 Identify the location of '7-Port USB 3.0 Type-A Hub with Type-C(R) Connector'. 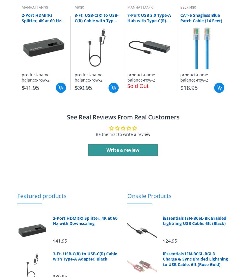
(149, 20).